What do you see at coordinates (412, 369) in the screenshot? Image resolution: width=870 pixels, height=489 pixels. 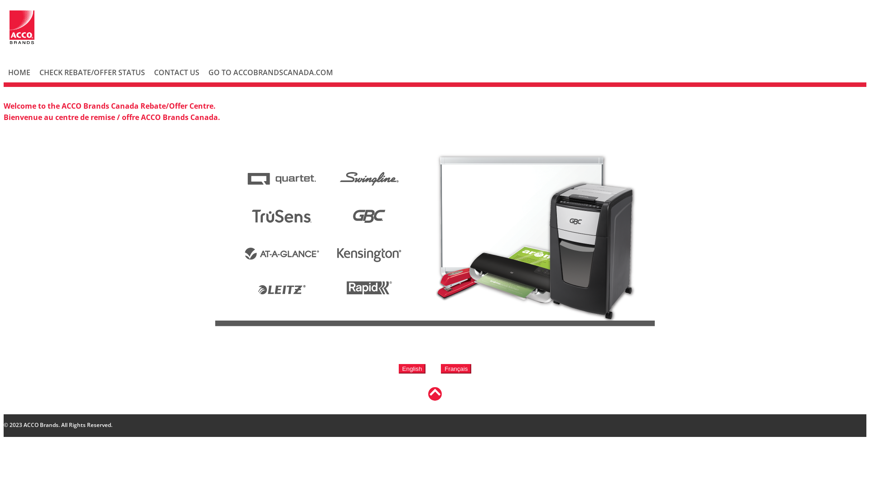 I see `'English'` at bounding box center [412, 369].